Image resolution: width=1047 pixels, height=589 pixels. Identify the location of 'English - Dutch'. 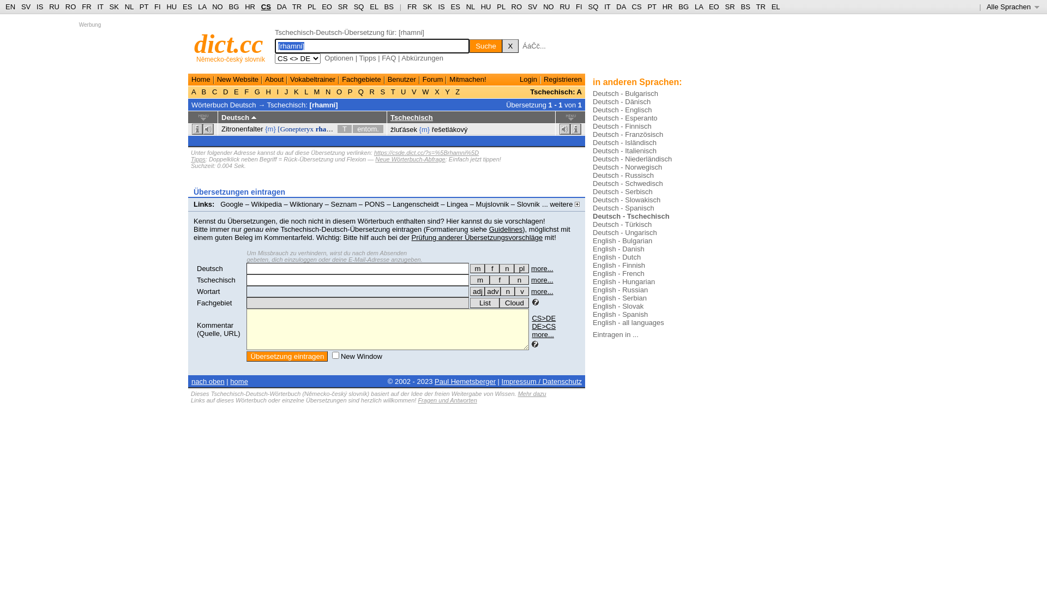
(617, 257).